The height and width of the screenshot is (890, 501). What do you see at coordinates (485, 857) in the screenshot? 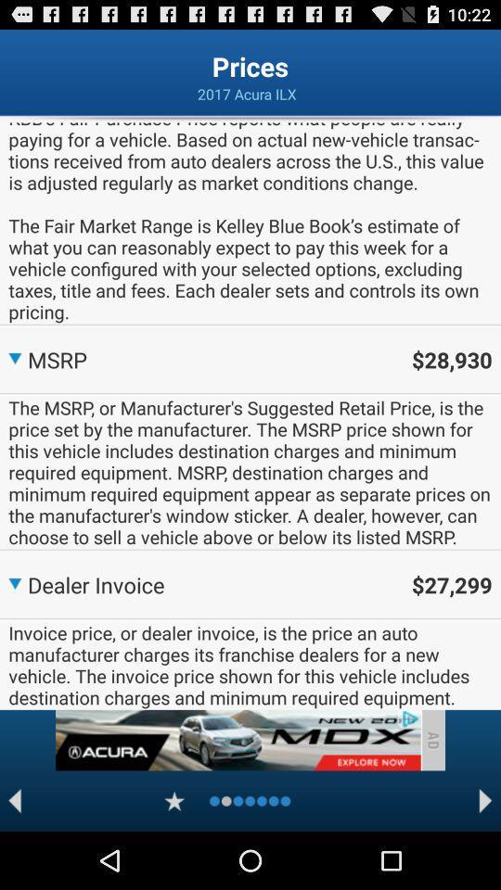
I see `the play icon` at bounding box center [485, 857].